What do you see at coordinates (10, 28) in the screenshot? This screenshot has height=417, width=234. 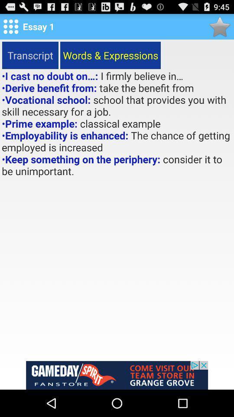 I see `the dialpad icon` at bounding box center [10, 28].